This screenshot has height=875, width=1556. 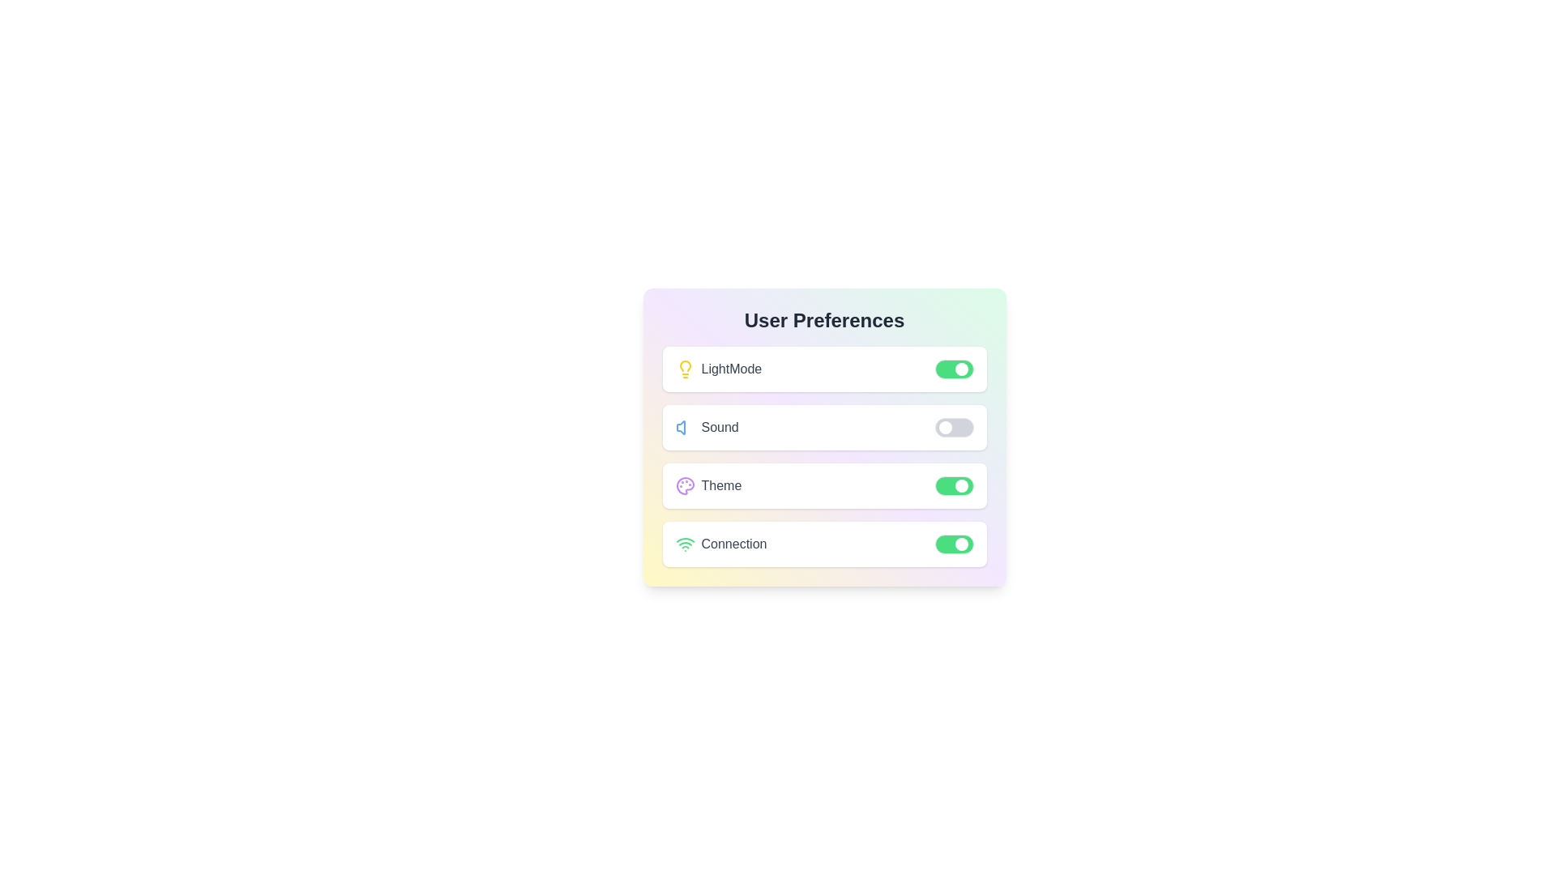 I want to click on the green Wi-Fi signal strength icon located next to the 'Connection' label, so click(x=685, y=544).